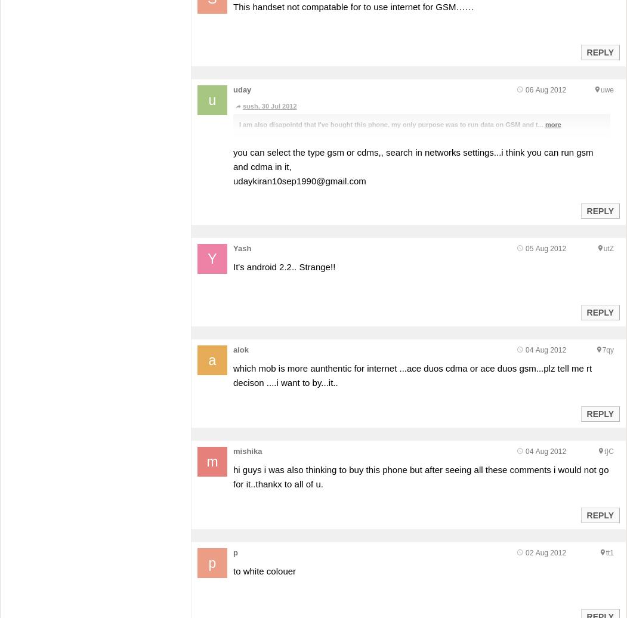 The width and height of the screenshot is (627, 618). What do you see at coordinates (546, 552) in the screenshot?
I see `'02 Aug 2012'` at bounding box center [546, 552].